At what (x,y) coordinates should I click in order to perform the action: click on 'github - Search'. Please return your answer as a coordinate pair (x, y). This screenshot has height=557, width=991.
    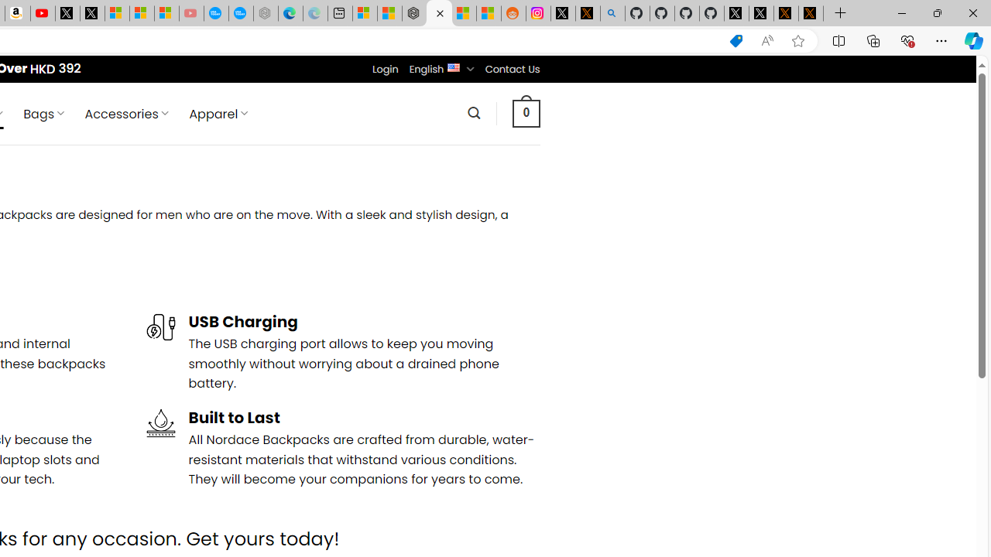
    Looking at the image, I should click on (612, 13).